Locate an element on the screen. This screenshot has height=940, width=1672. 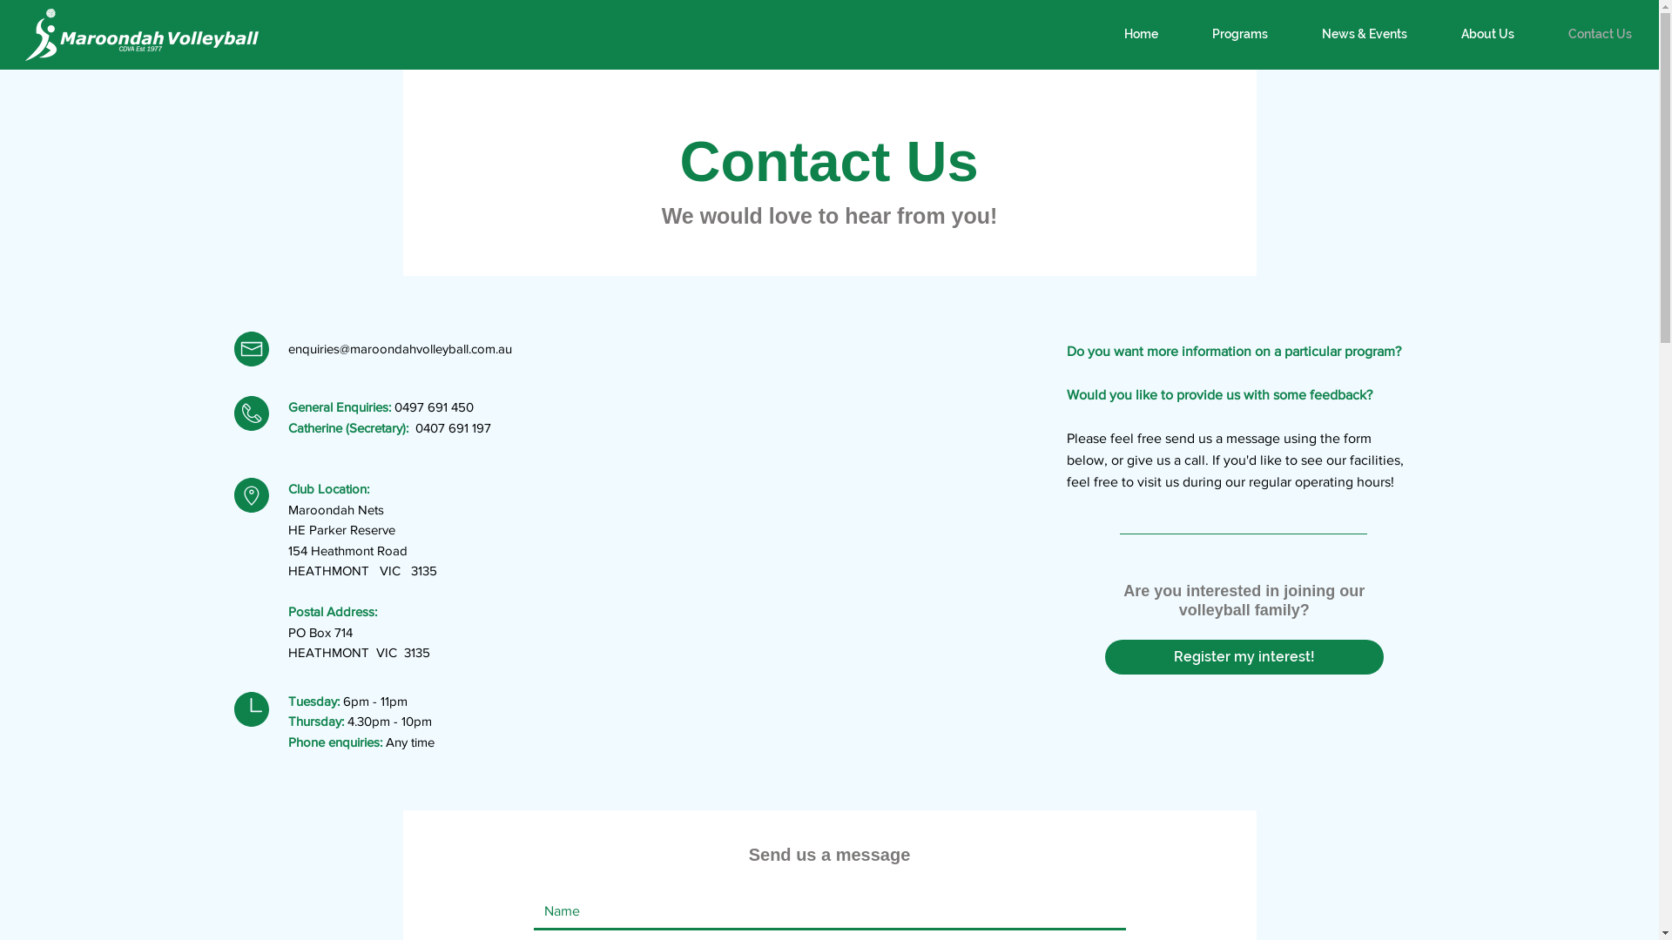
'Register my interest!' is located at coordinates (1244, 657).